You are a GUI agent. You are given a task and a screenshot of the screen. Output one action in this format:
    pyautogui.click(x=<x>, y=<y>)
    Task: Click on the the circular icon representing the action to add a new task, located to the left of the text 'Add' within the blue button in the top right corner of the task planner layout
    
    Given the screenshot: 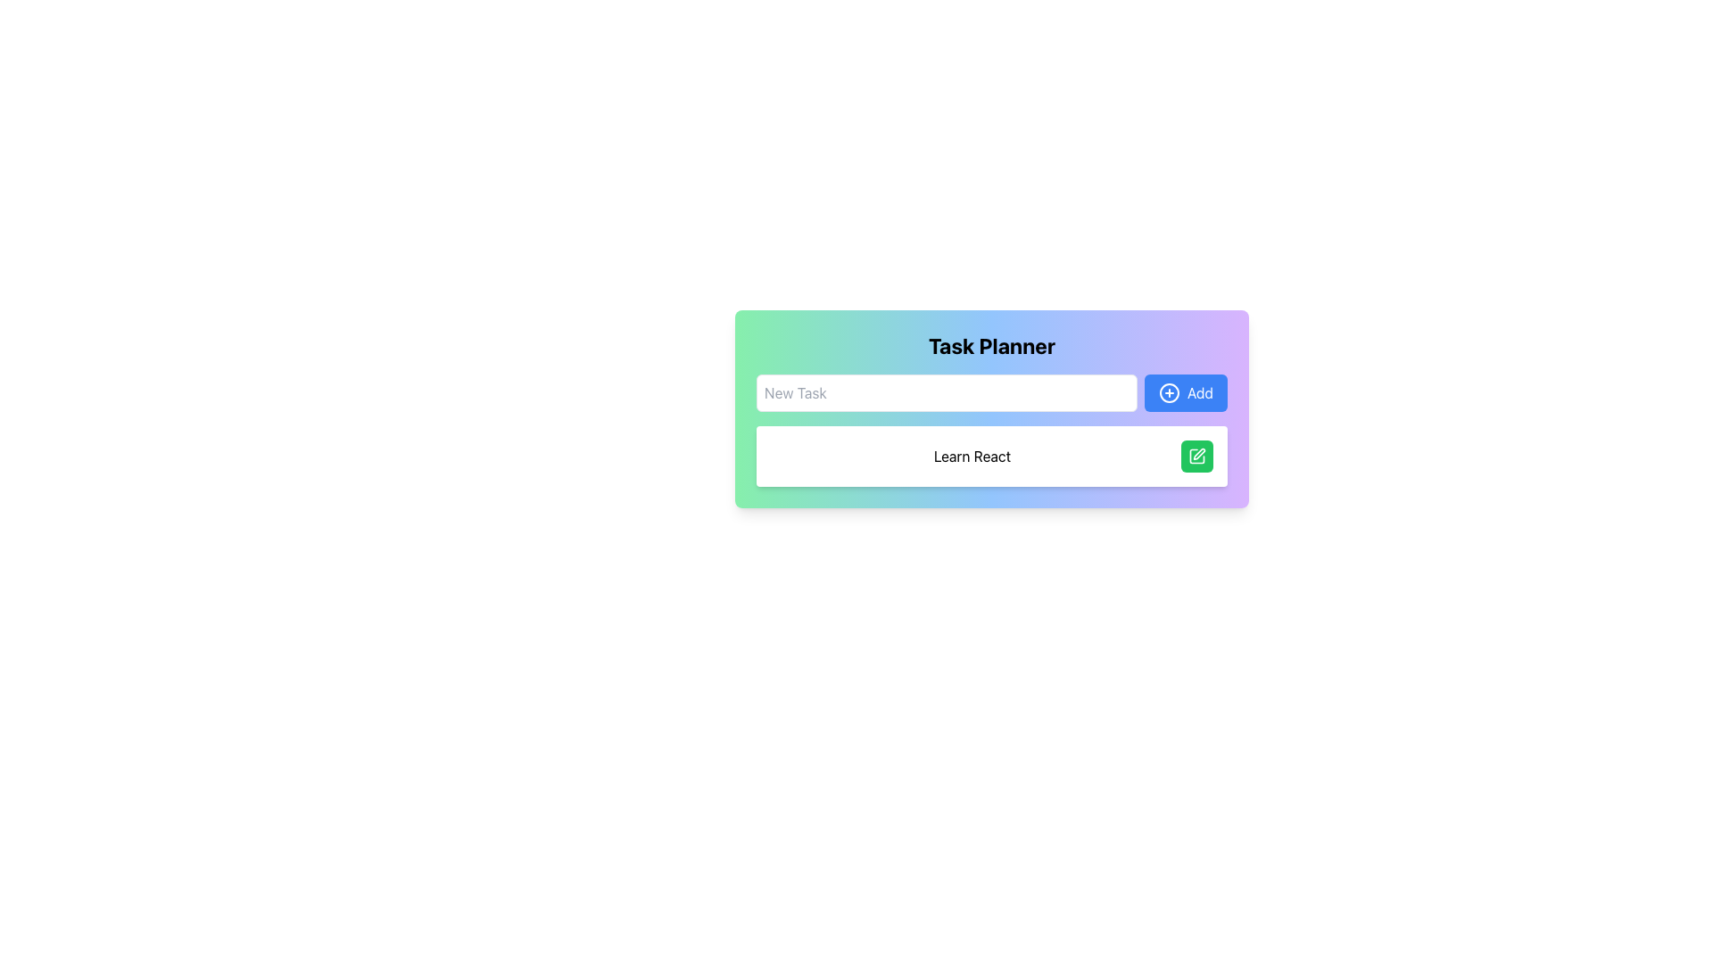 What is the action you would take?
    pyautogui.click(x=1169, y=391)
    